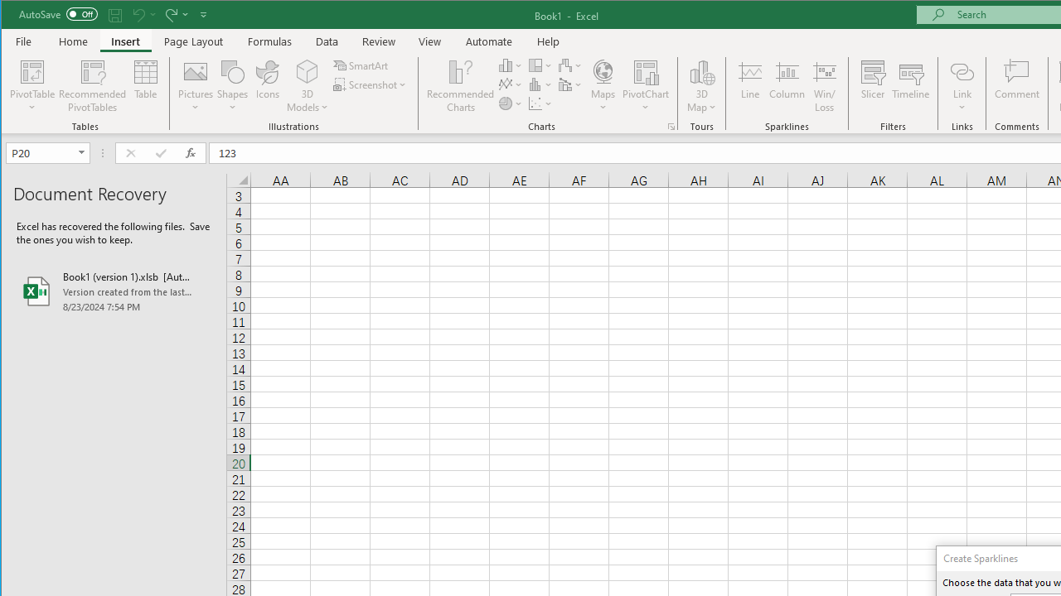  Describe the element at coordinates (146, 86) in the screenshot. I see `'Table'` at that location.